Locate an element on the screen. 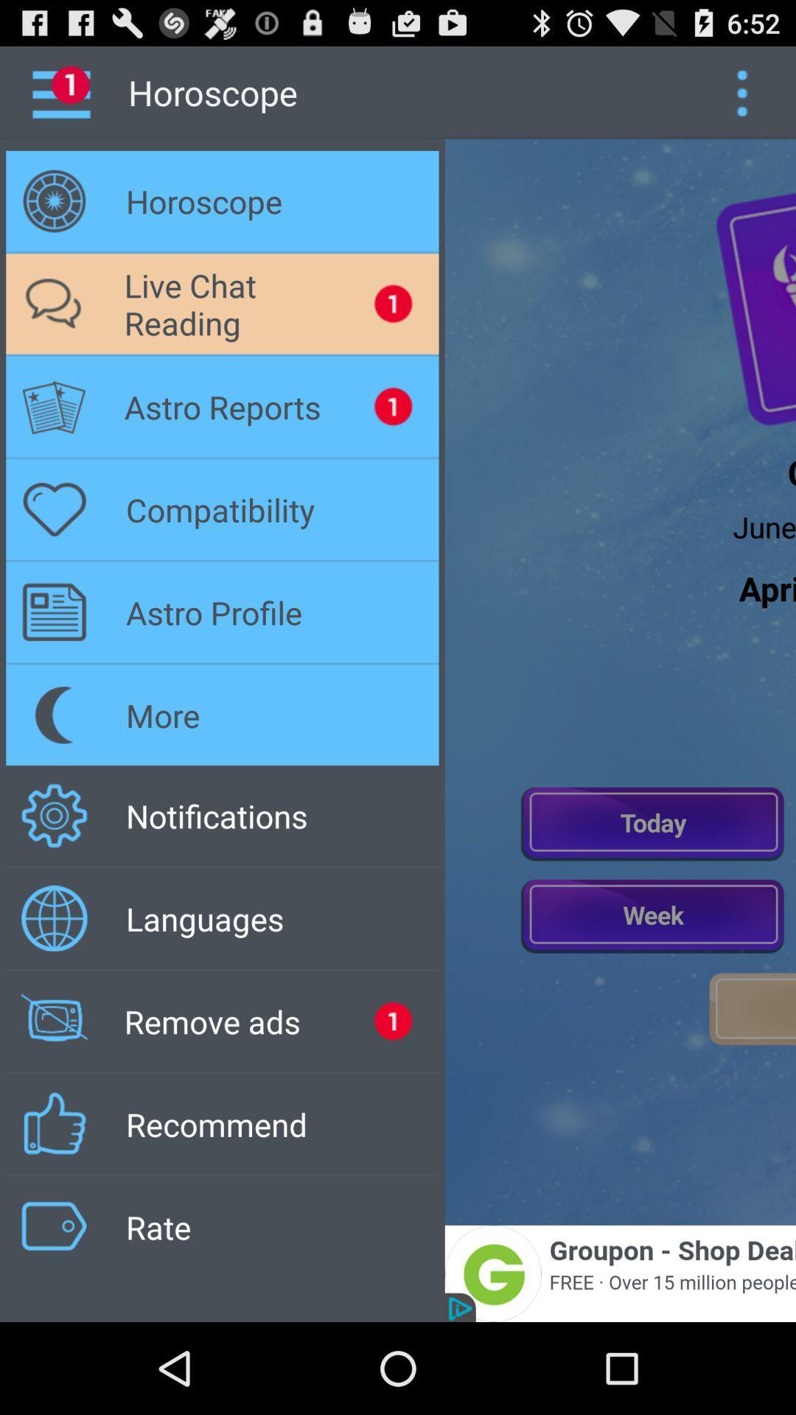 The image size is (796, 1415). red color 1 right to live chat option is located at coordinates (392, 303).